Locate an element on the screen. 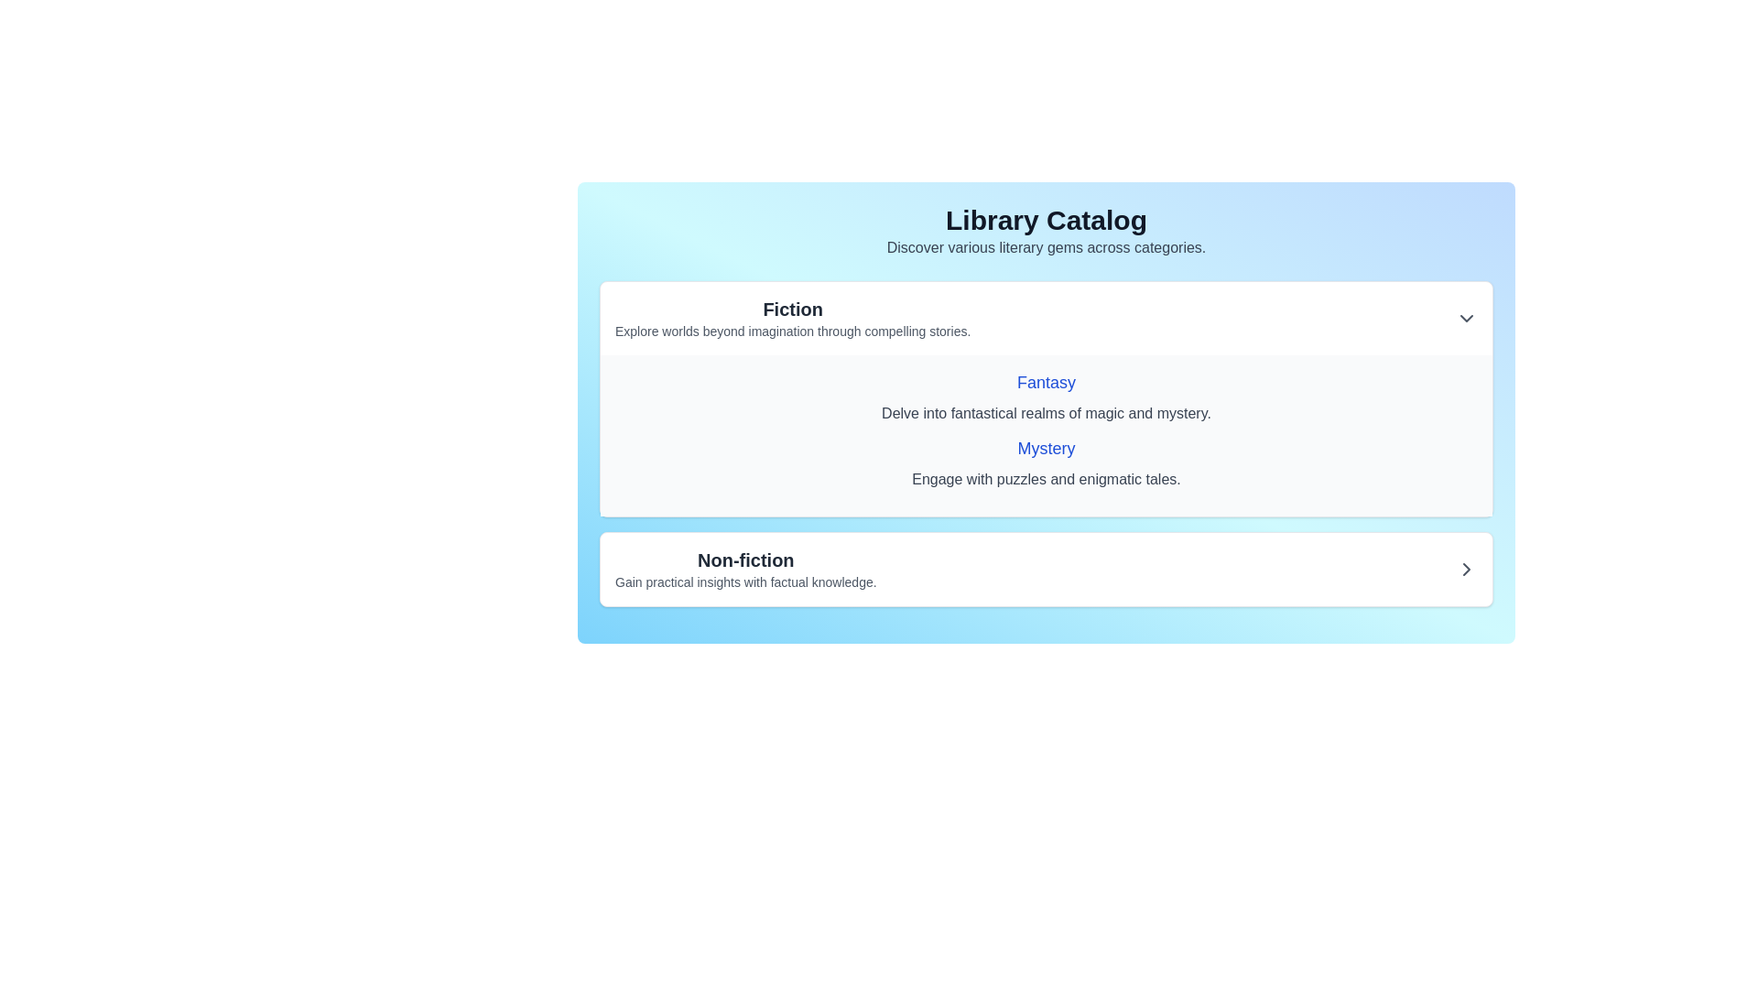 Image resolution: width=1758 pixels, height=989 pixels. the gray chevron-shaped SVG icon representing a right-facing arrow, located at the rightmost end of the 'Non-fiction' section is located at coordinates (1467, 568).